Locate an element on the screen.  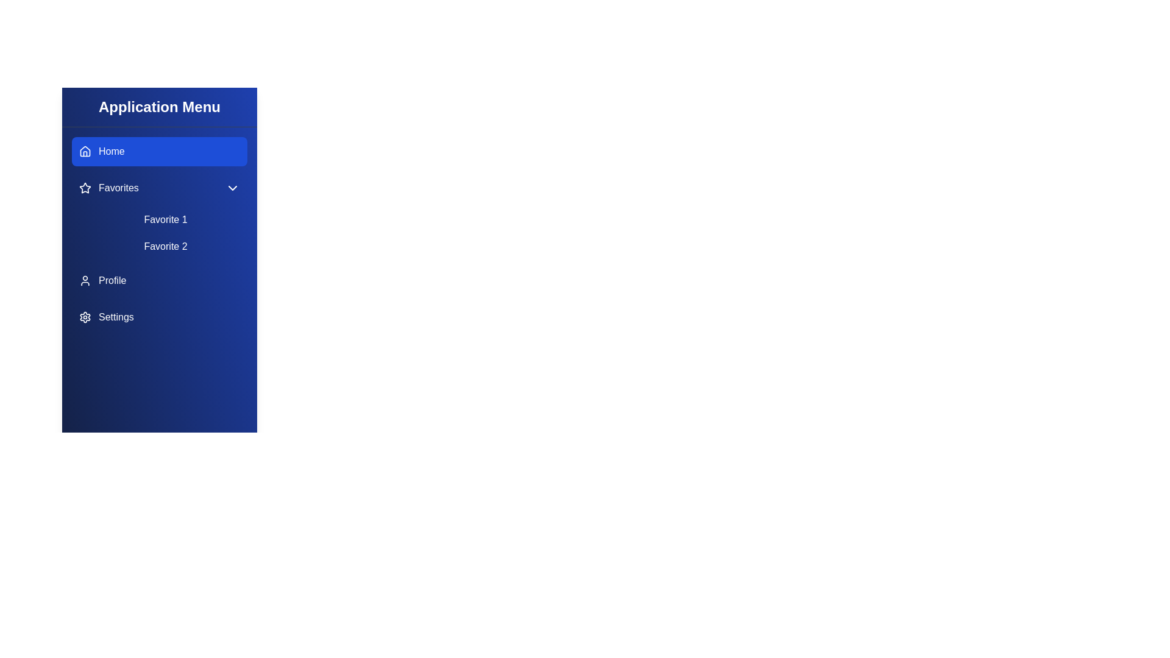
the navigation item for accessing the user's profile section, which is the fourth item in the vertical menu of the sidebar, positioned between 'Favorites' and 'Settings' is located at coordinates (102, 281).